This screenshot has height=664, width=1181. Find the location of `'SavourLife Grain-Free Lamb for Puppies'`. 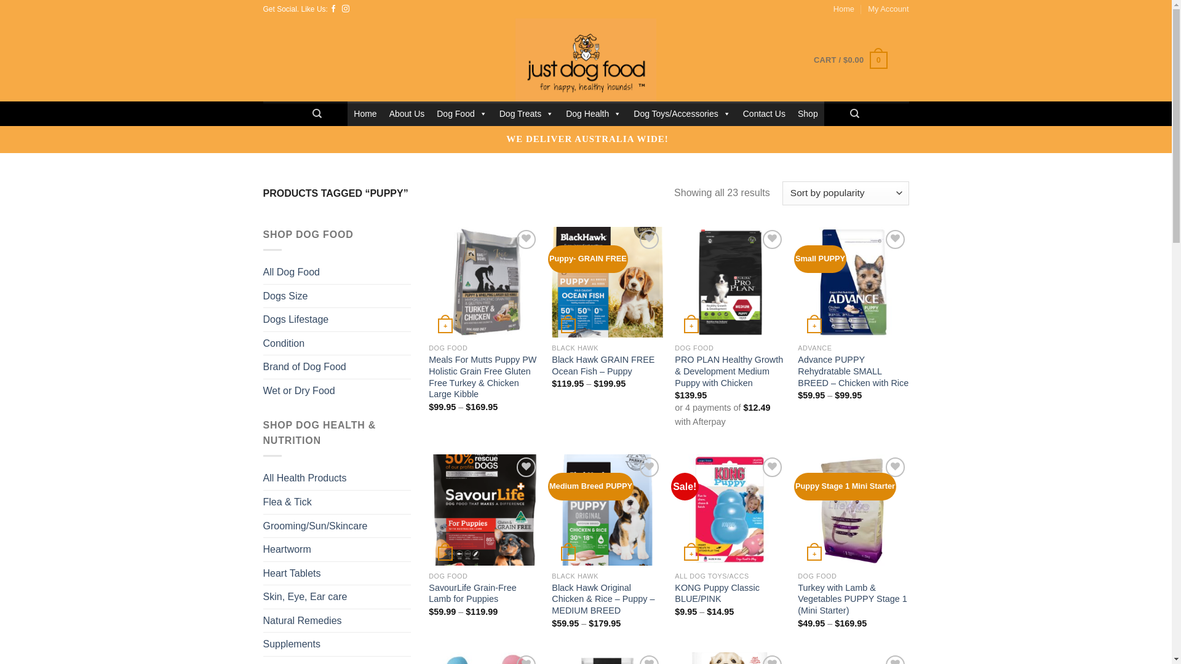

'SavourLife Grain-Free Lamb for Puppies' is located at coordinates (483, 593).